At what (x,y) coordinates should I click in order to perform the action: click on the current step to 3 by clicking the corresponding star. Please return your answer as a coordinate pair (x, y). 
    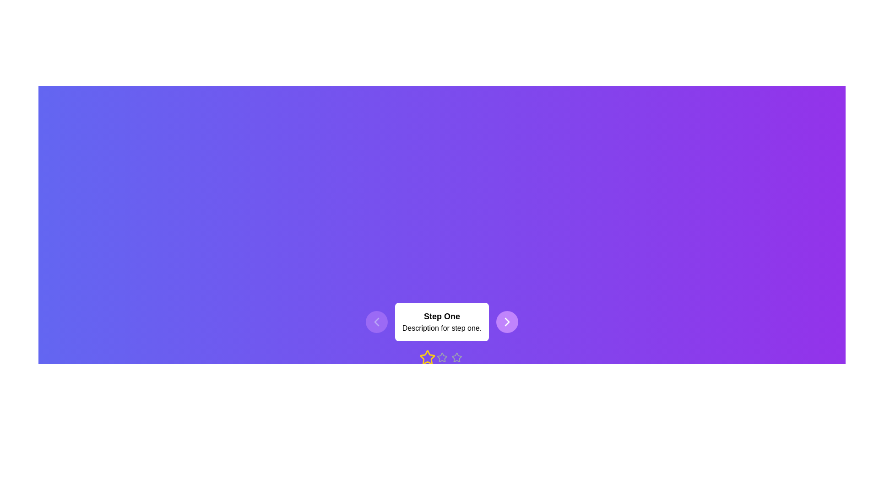
    Looking at the image, I should click on (456, 357).